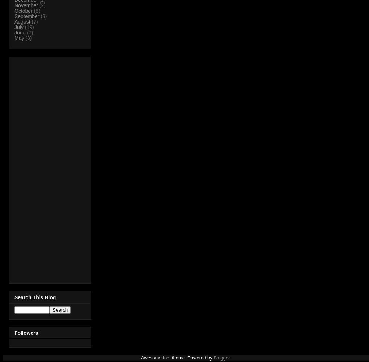 This screenshot has height=362, width=369. I want to click on 'Followers', so click(14, 333).